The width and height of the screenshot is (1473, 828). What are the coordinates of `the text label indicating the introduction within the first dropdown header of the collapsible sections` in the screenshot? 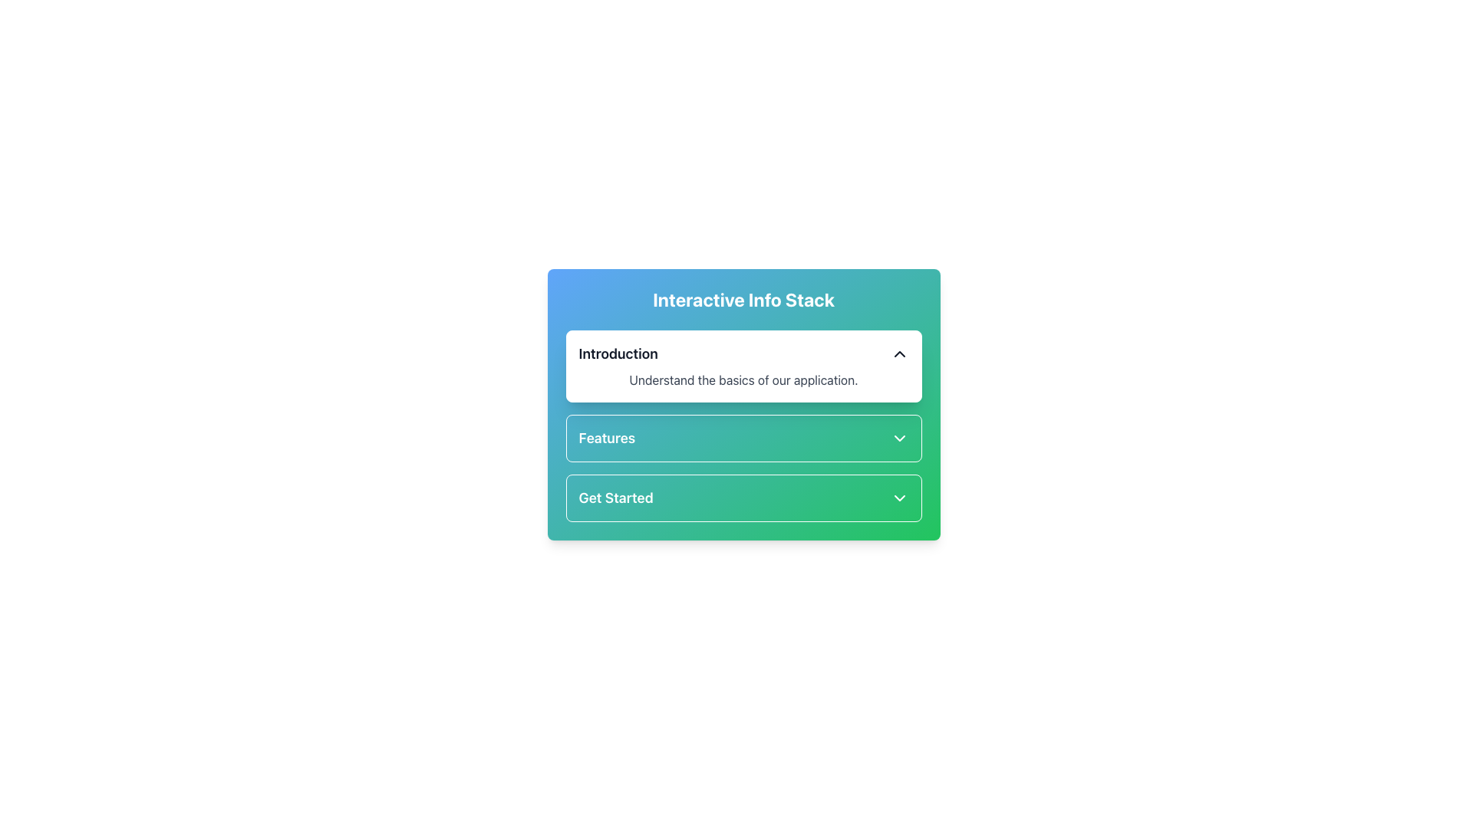 It's located at (618, 354).